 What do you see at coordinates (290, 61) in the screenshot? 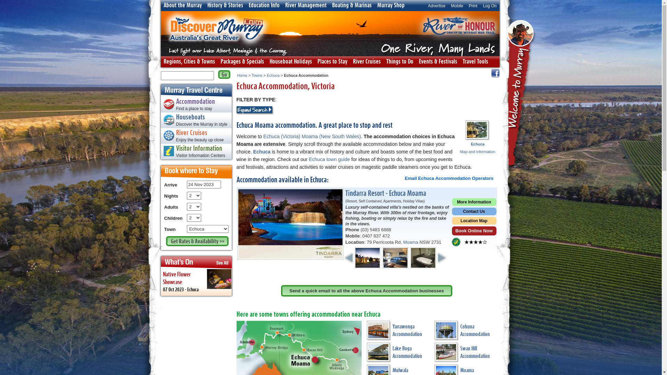
I see `'Houseboat Holidays'` at bounding box center [290, 61].